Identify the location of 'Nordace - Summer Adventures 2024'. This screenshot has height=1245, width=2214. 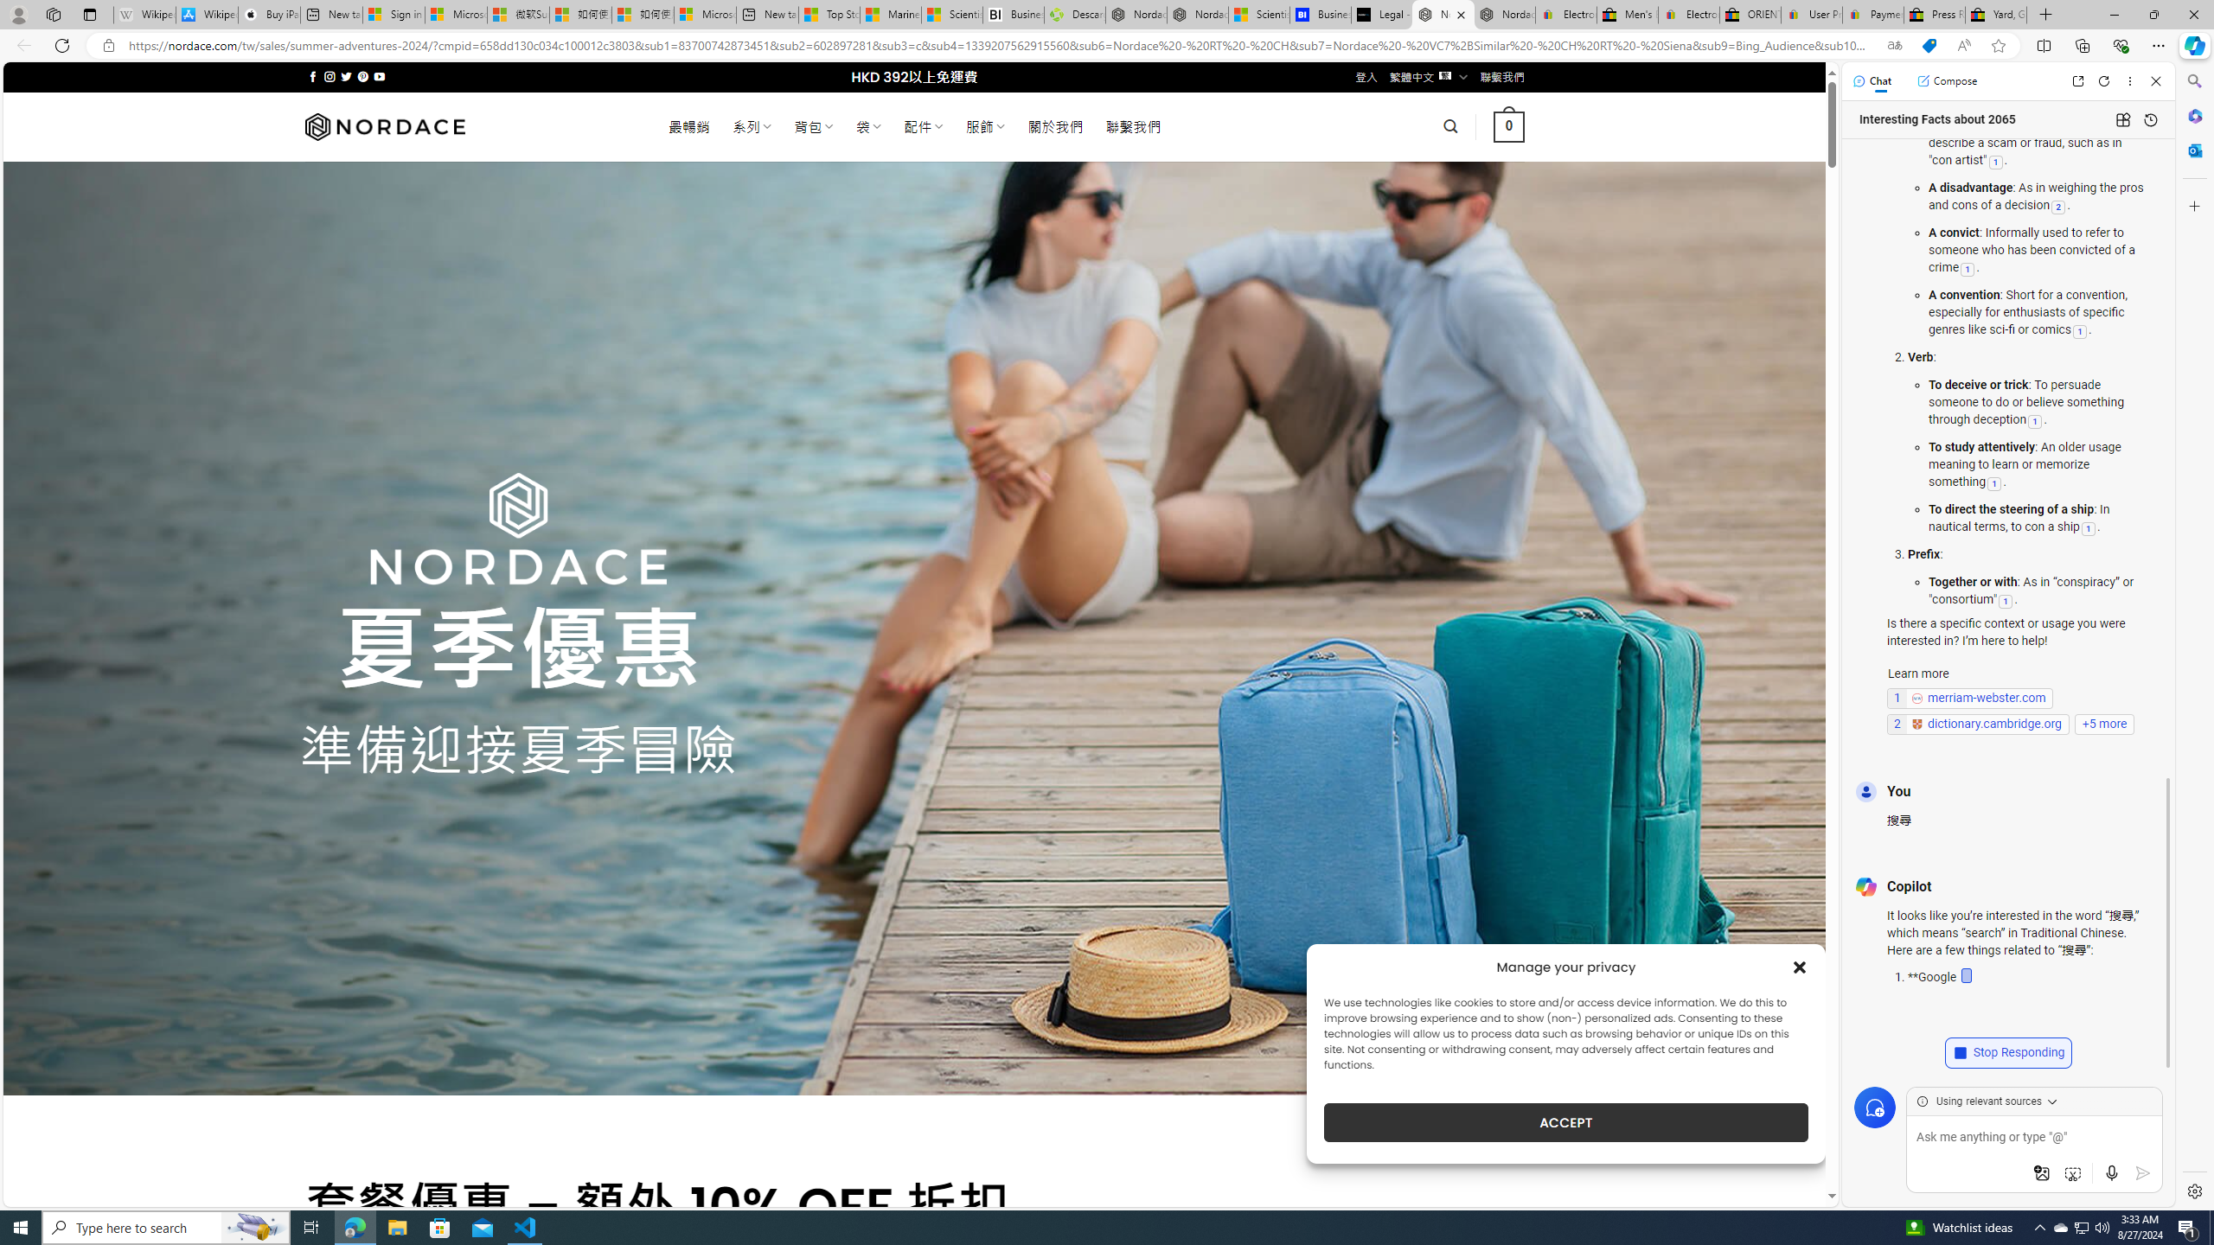
(1443, 14).